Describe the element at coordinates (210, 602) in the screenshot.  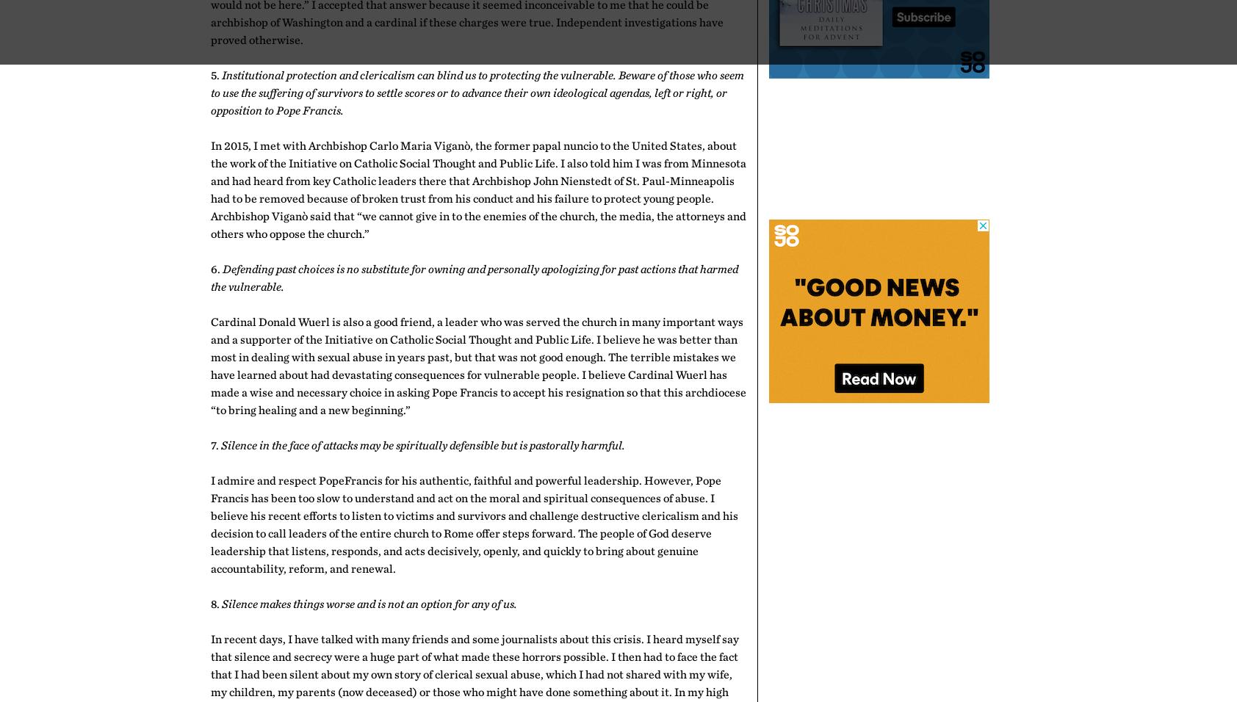
I see `'8.'` at that location.